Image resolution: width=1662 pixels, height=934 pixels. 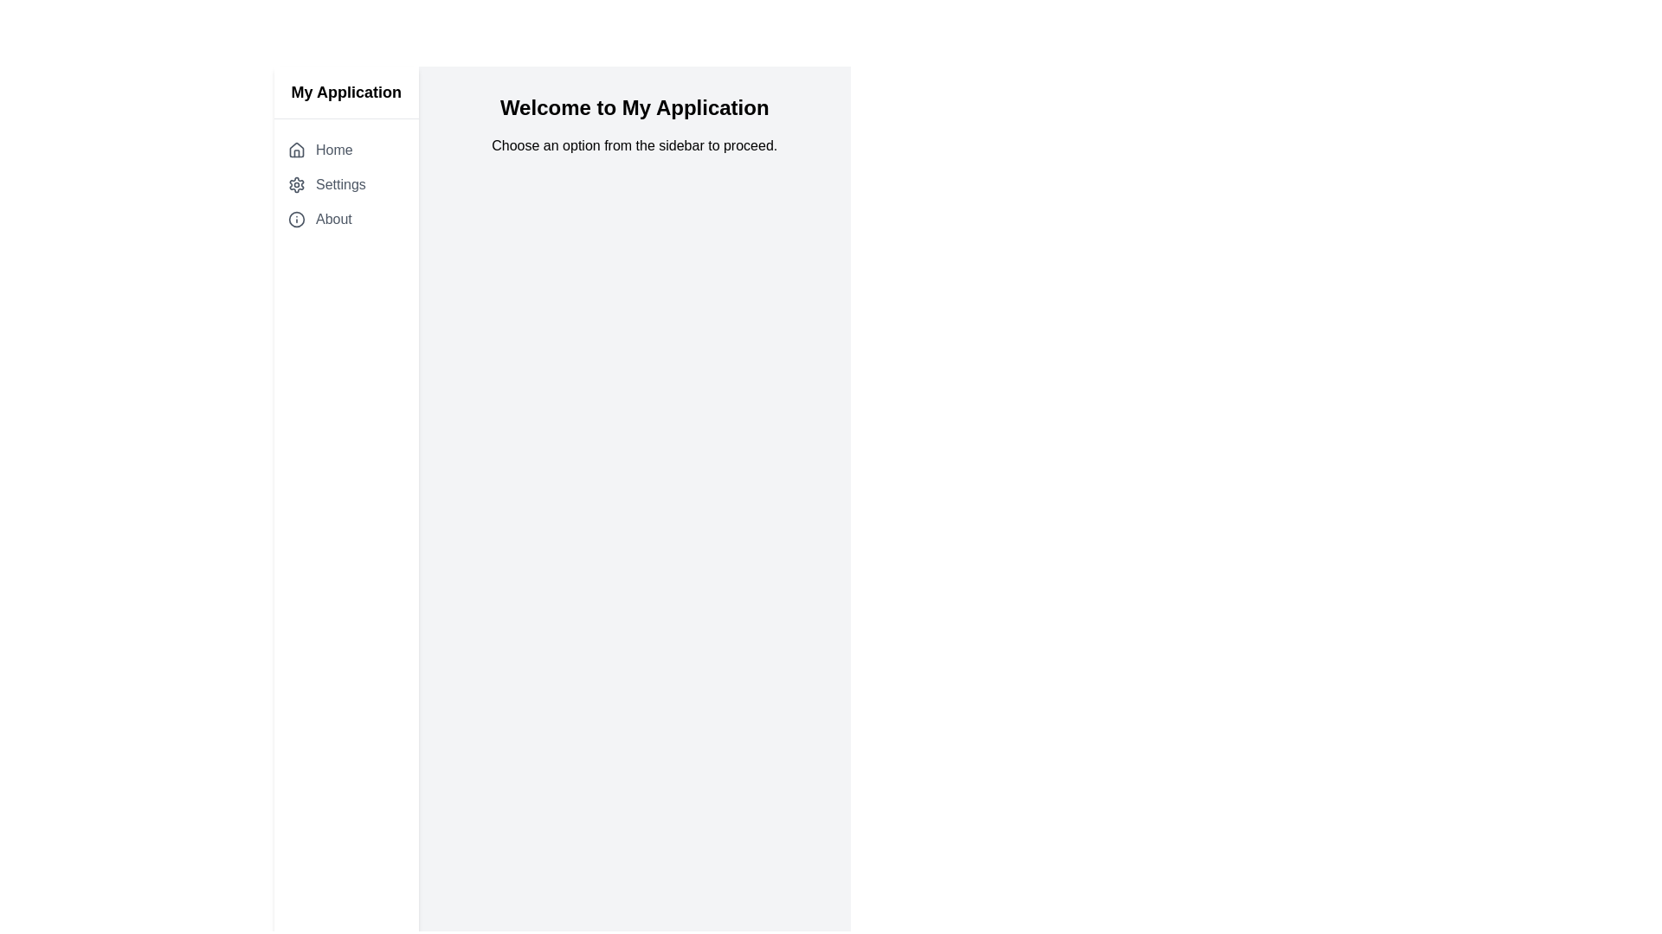 What do you see at coordinates (634, 107) in the screenshot?
I see `static text header that says 'Welcome to My Application.' It is a bold and prominently displayed title at the top of the content area` at bounding box center [634, 107].